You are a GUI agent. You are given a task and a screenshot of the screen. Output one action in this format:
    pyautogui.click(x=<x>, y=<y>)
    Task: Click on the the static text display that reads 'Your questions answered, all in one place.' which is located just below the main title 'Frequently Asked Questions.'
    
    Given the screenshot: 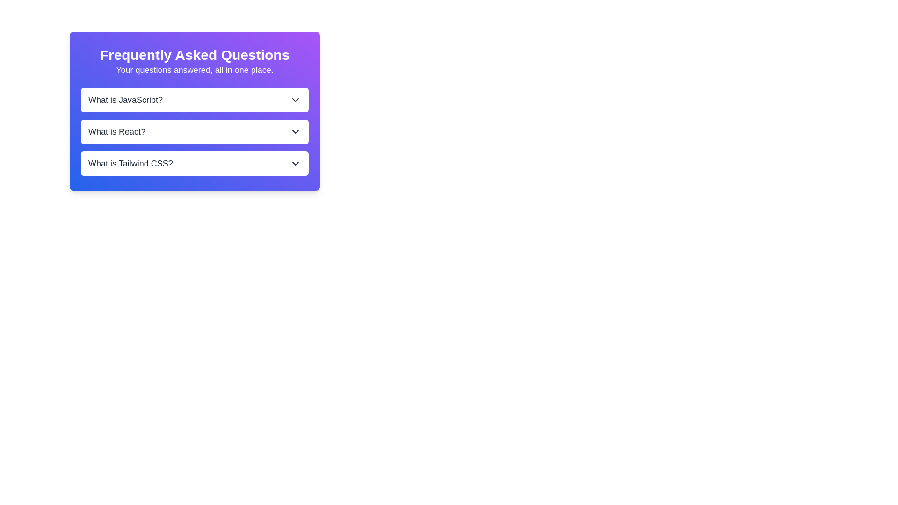 What is the action you would take?
    pyautogui.click(x=194, y=70)
    